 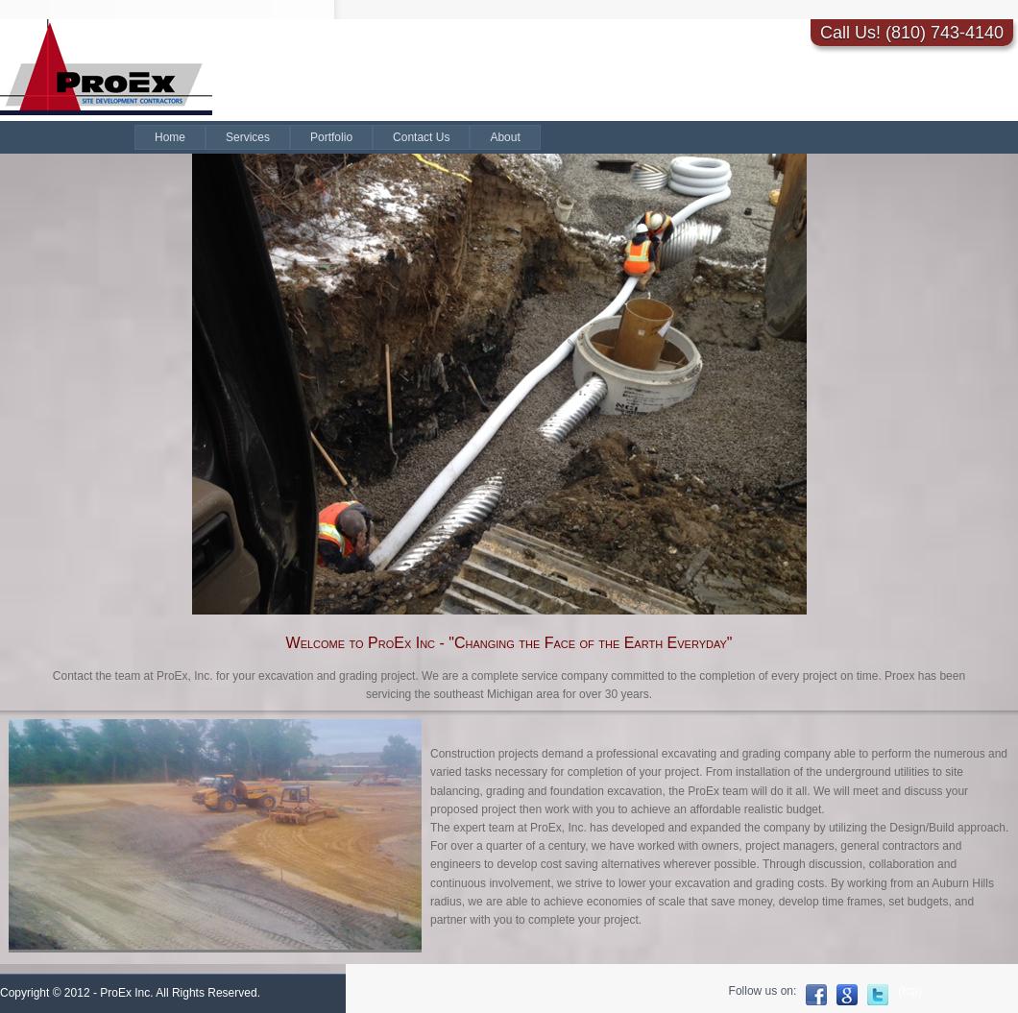 What do you see at coordinates (331, 136) in the screenshot?
I see `'Portfolio'` at bounding box center [331, 136].